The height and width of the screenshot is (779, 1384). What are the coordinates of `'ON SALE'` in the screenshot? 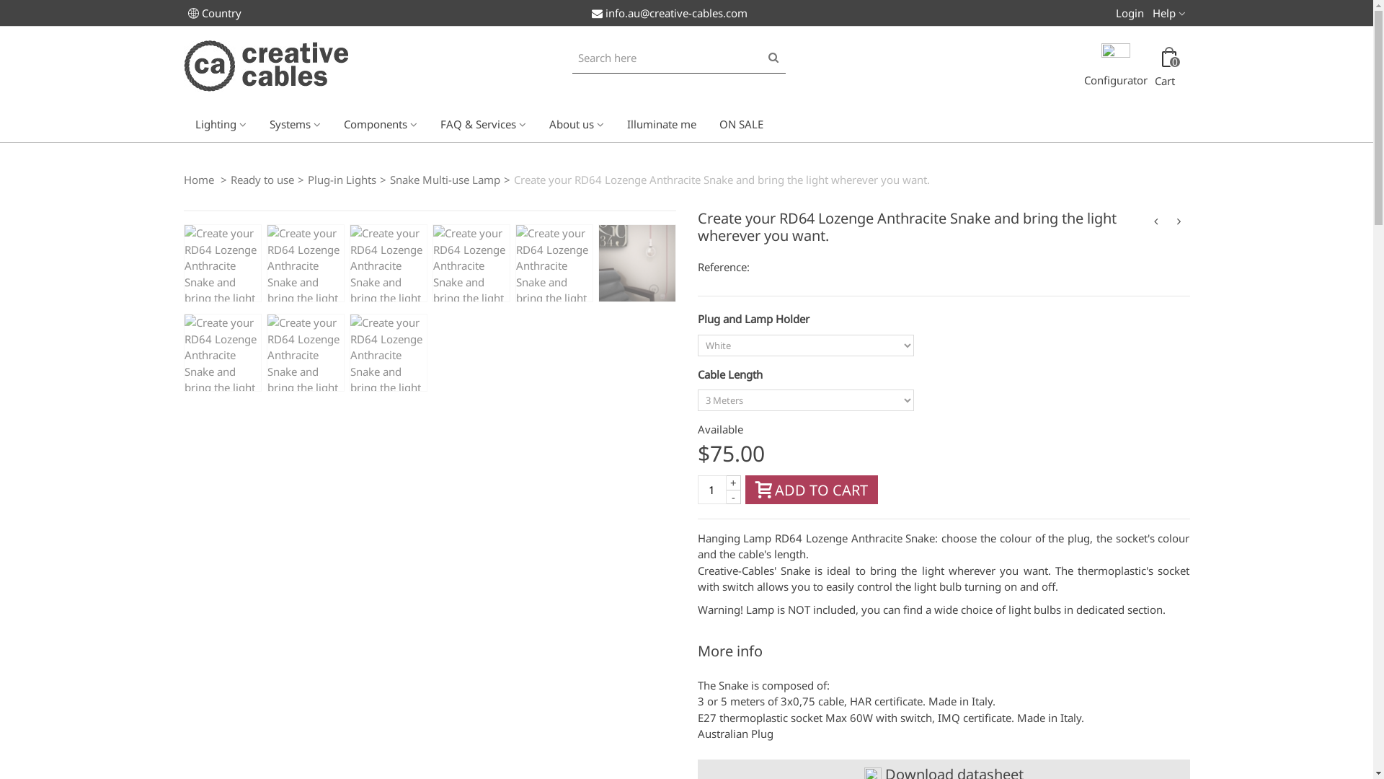 It's located at (708, 122).